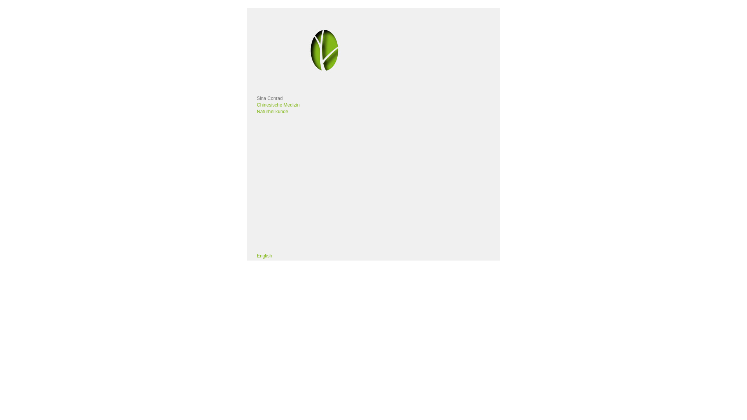  What do you see at coordinates (257, 105) in the screenshot?
I see `'Chinesische Medizin'` at bounding box center [257, 105].